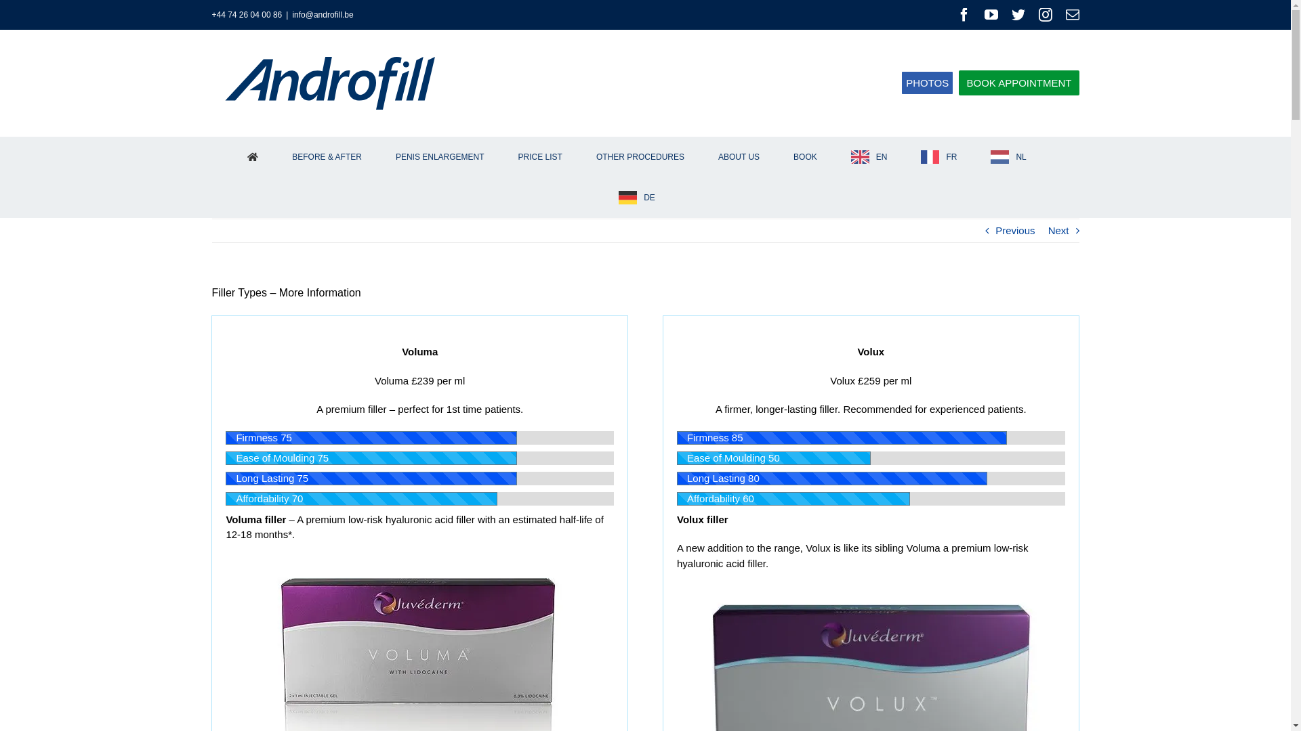 This screenshot has width=1301, height=731. Describe the element at coordinates (639, 156) in the screenshot. I see `'OTHER PROCEDURES'` at that location.